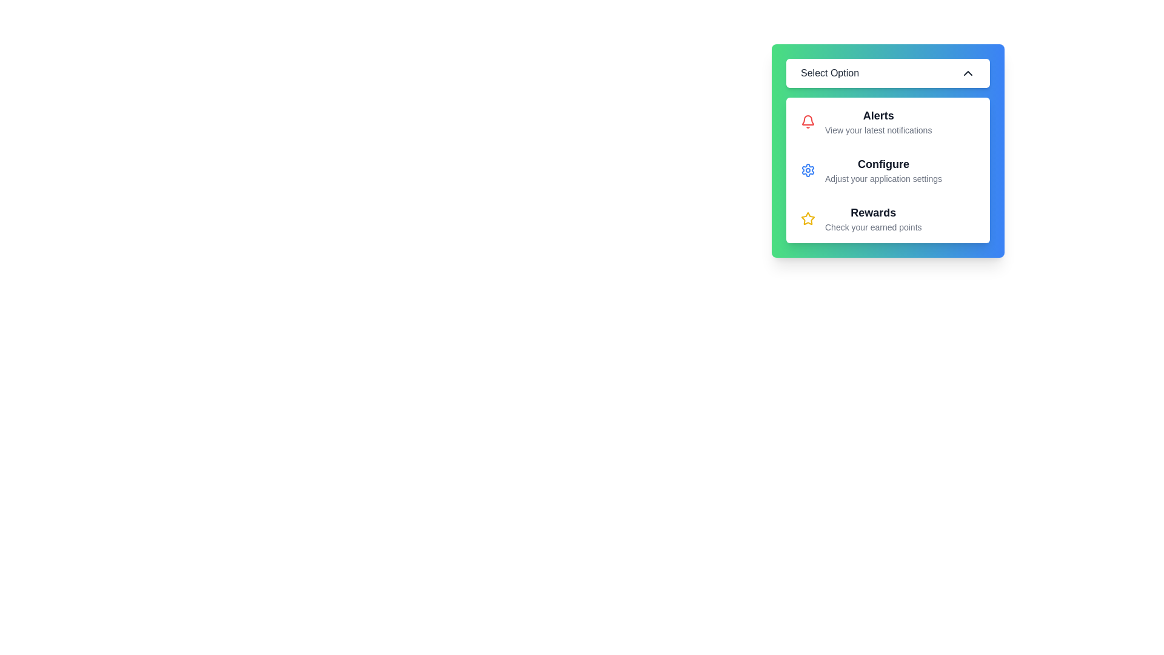 This screenshot has width=1164, height=655. I want to click on the star icon representing the 'Rewards' section, which is located to the left of the 'Rewards' text label in the third item of a vertical list, so click(808, 219).